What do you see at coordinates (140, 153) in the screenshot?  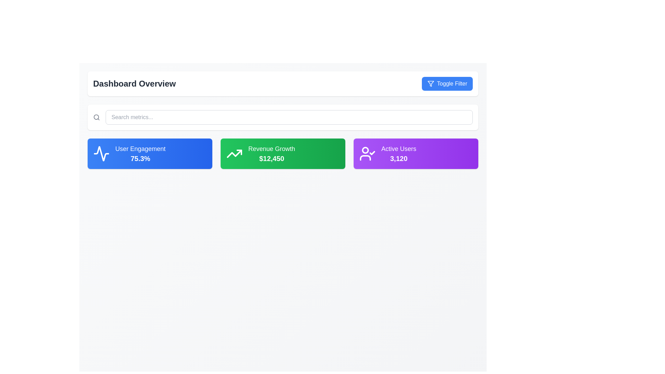 I see `the metric displayed on the 'User Engagement' Display Card, which shows '75.3%' in bold text over a blue gradient background` at bounding box center [140, 153].